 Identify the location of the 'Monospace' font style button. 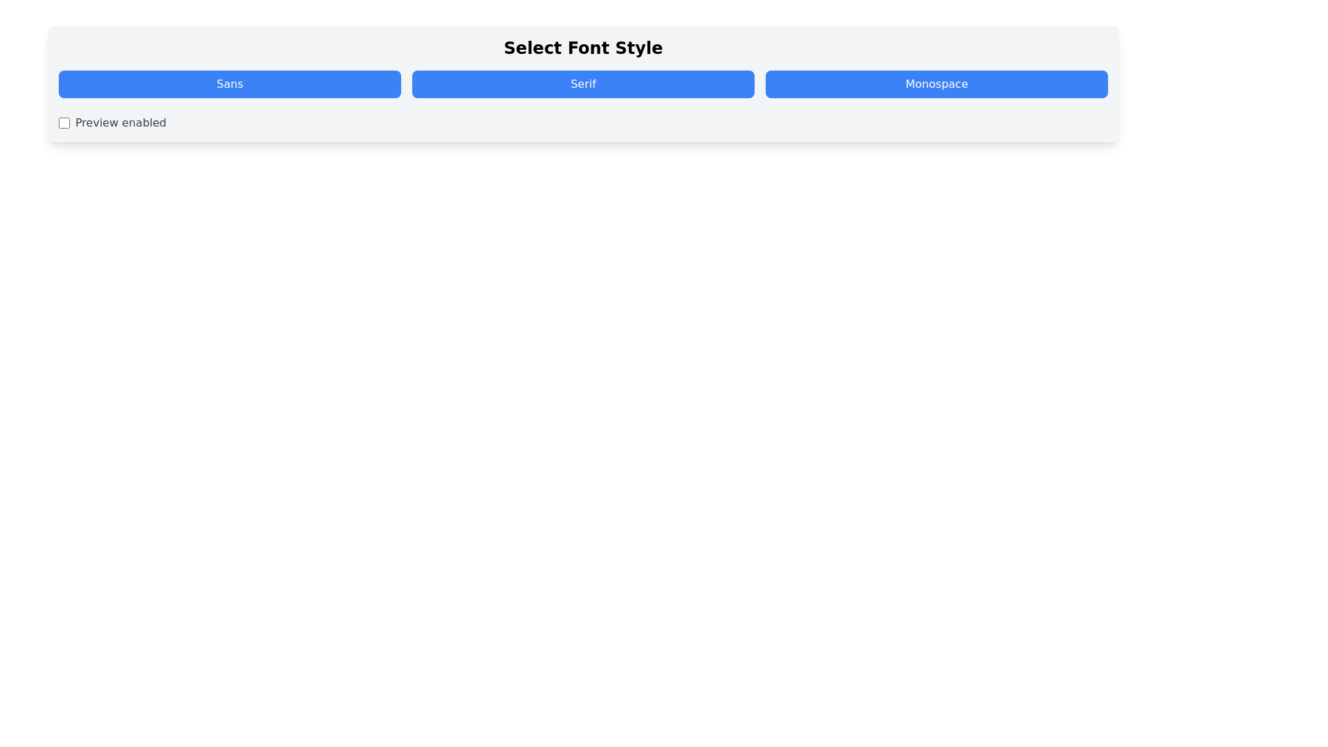
(937, 84).